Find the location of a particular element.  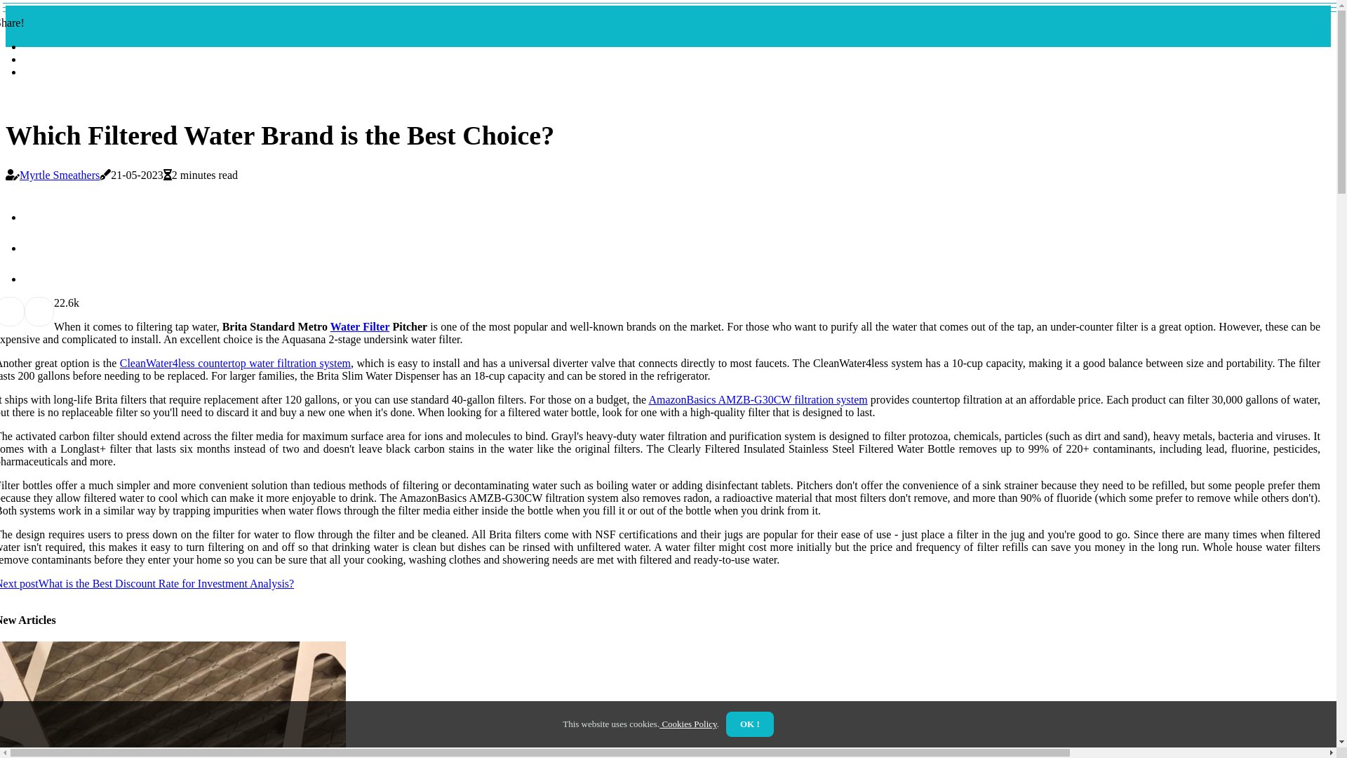

'Water Filter' is located at coordinates (360, 326).